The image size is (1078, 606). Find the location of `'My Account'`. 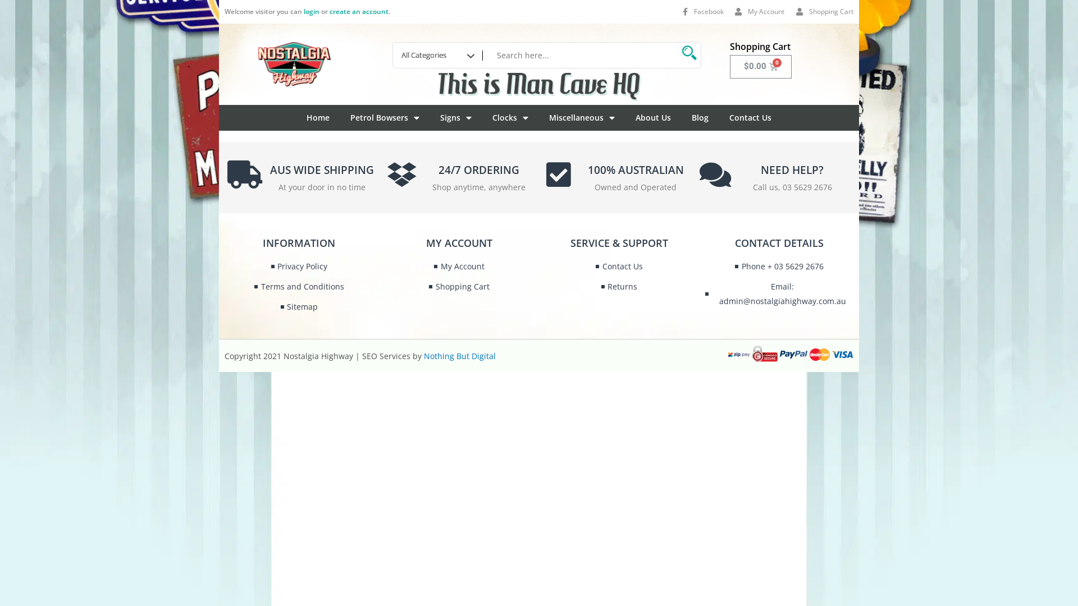

'My Account' is located at coordinates (459, 266).